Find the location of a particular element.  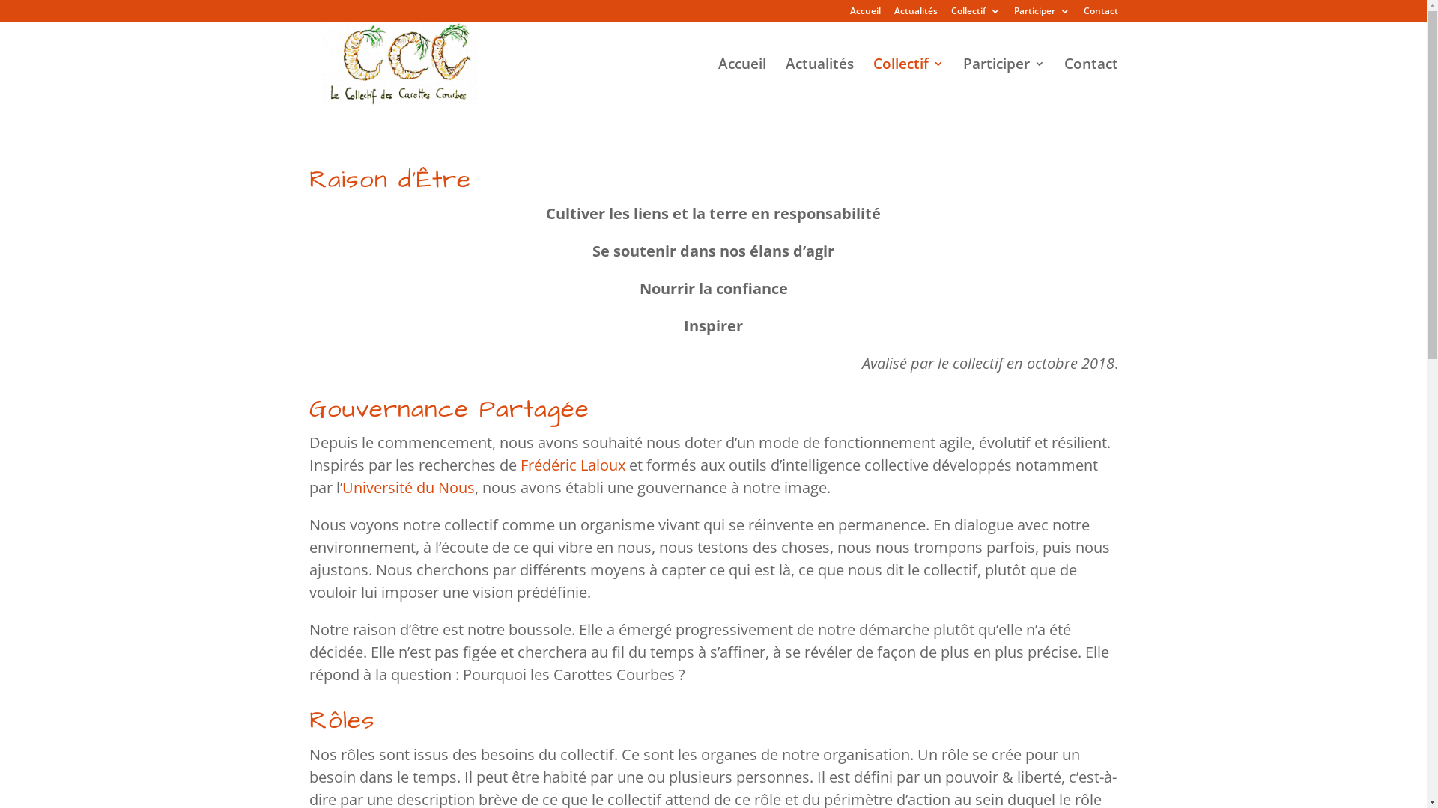

'Participer' is located at coordinates (1013, 14).